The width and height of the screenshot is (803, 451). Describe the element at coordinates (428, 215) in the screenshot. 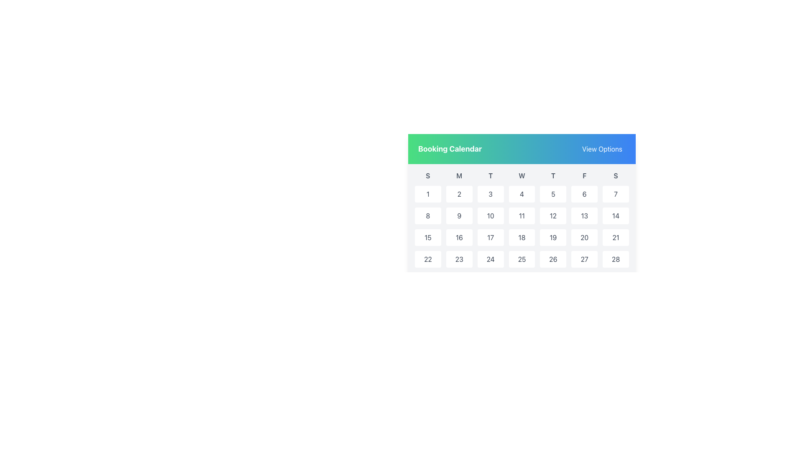

I see `the Calendar Cell located in the second row and first column of the Booking Calendar` at that location.